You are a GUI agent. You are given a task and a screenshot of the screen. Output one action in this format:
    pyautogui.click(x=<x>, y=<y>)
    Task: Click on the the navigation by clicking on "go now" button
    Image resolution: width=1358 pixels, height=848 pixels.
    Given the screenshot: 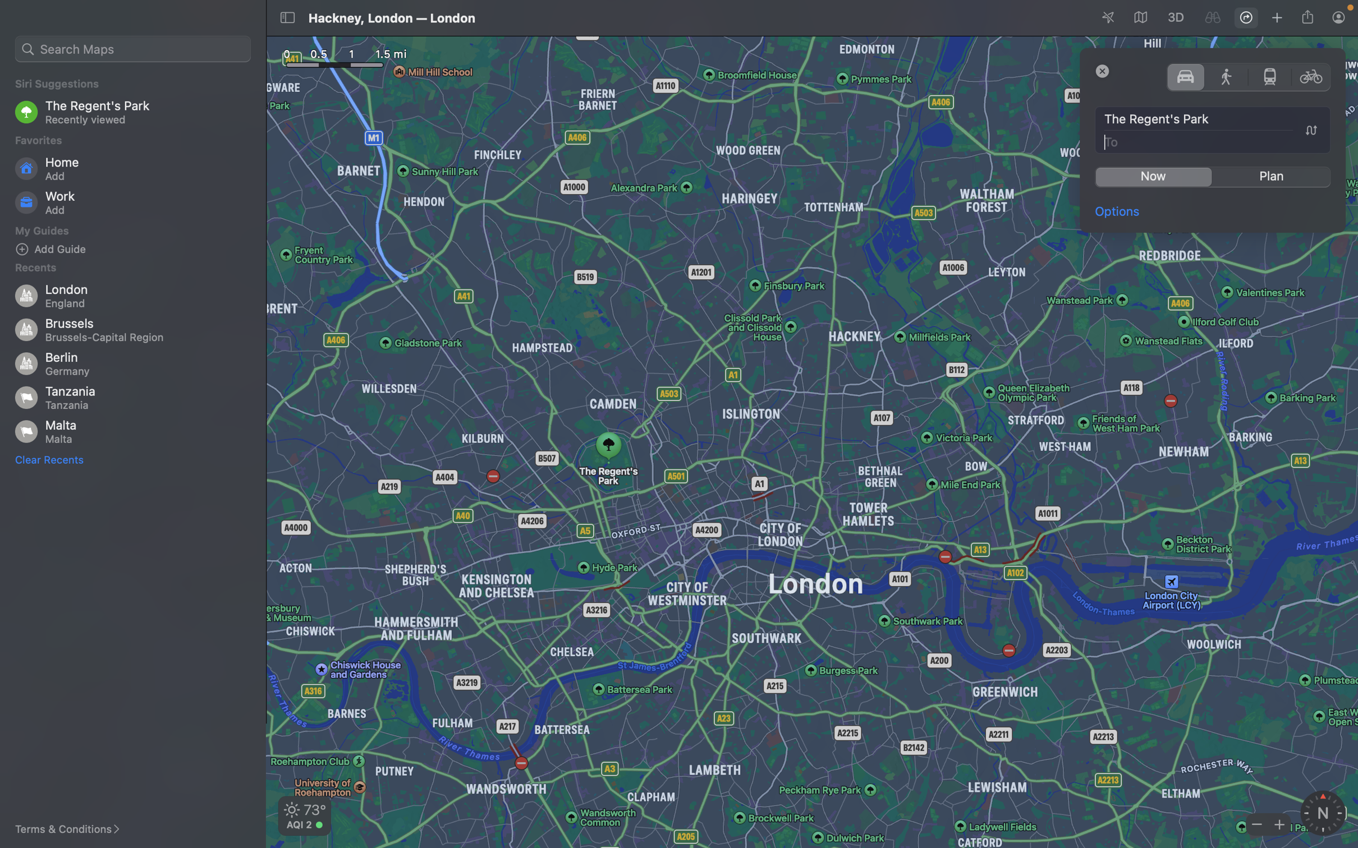 What is the action you would take?
    pyautogui.click(x=1153, y=177)
    